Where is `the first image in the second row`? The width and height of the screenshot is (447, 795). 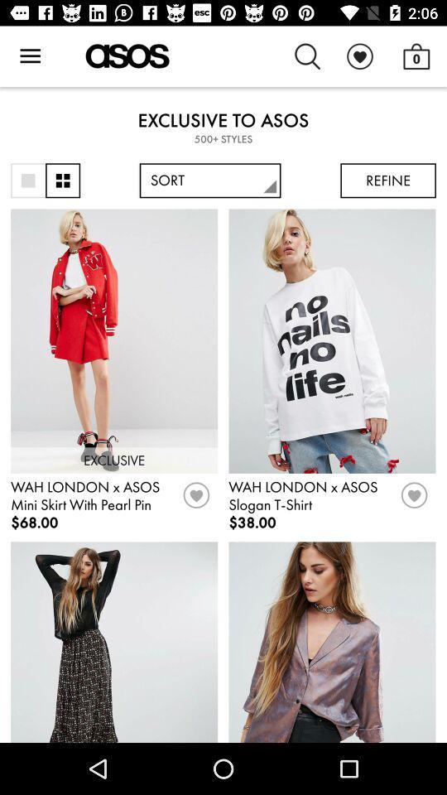
the first image in the second row is located at coordinates (113, 641).